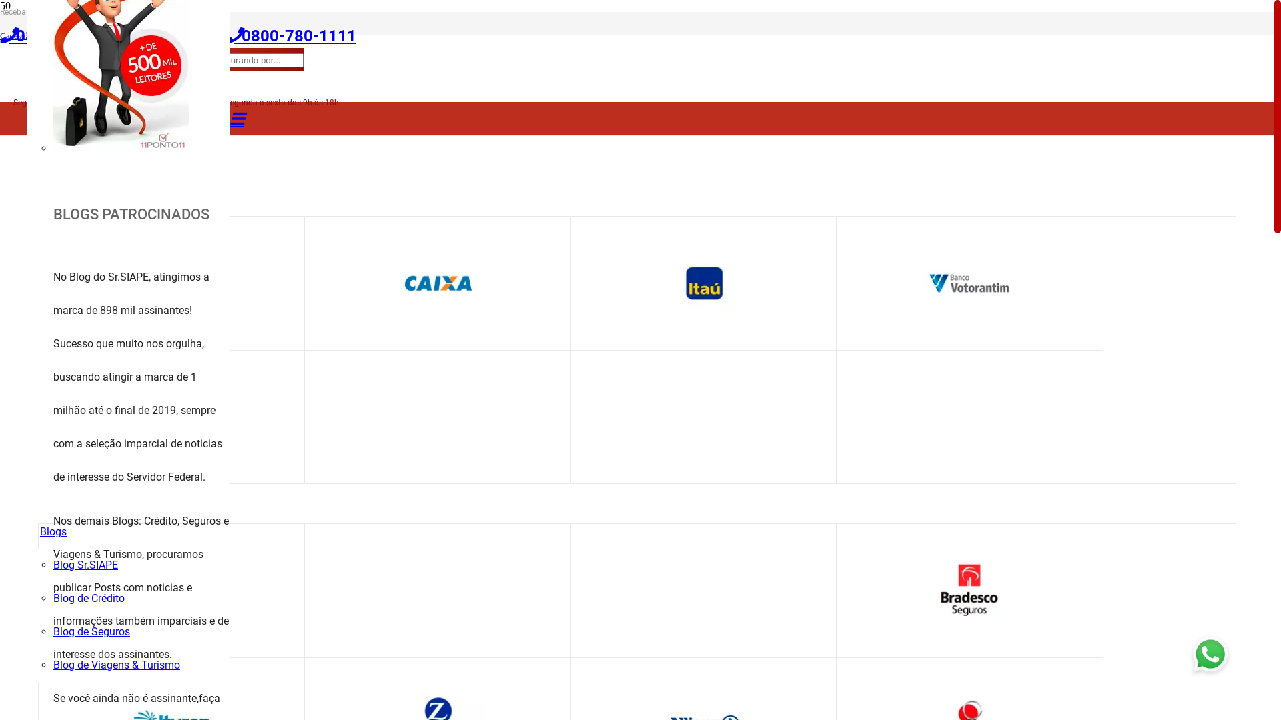  What do you see at coordinates (53, 531) in the screenshot?
I see `'Blogs'` at bounding box center [53, 531].